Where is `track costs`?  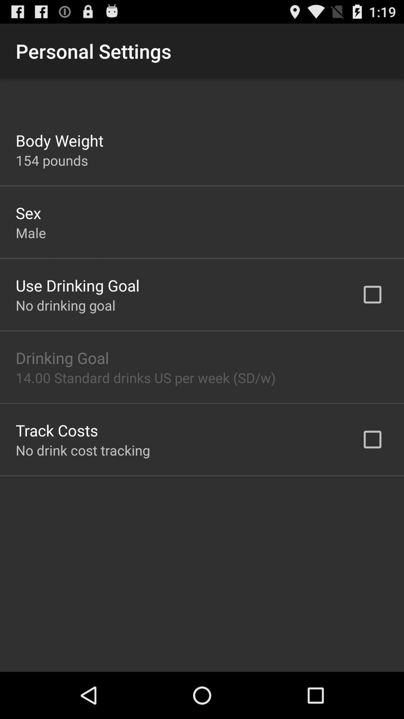 track costs is located at coordinates (56, 430).